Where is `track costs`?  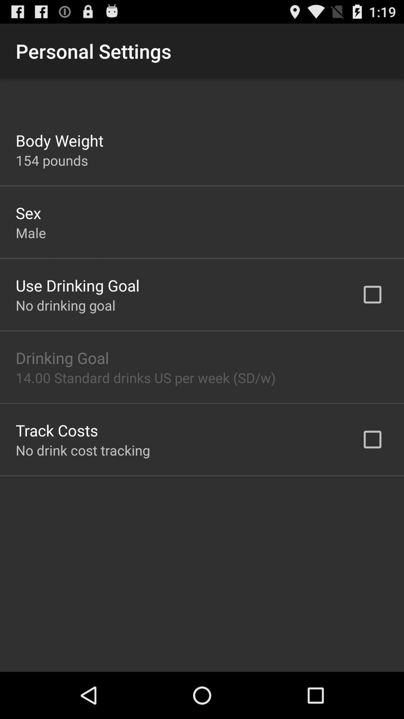 track costs is located at coordinates (56, 430).